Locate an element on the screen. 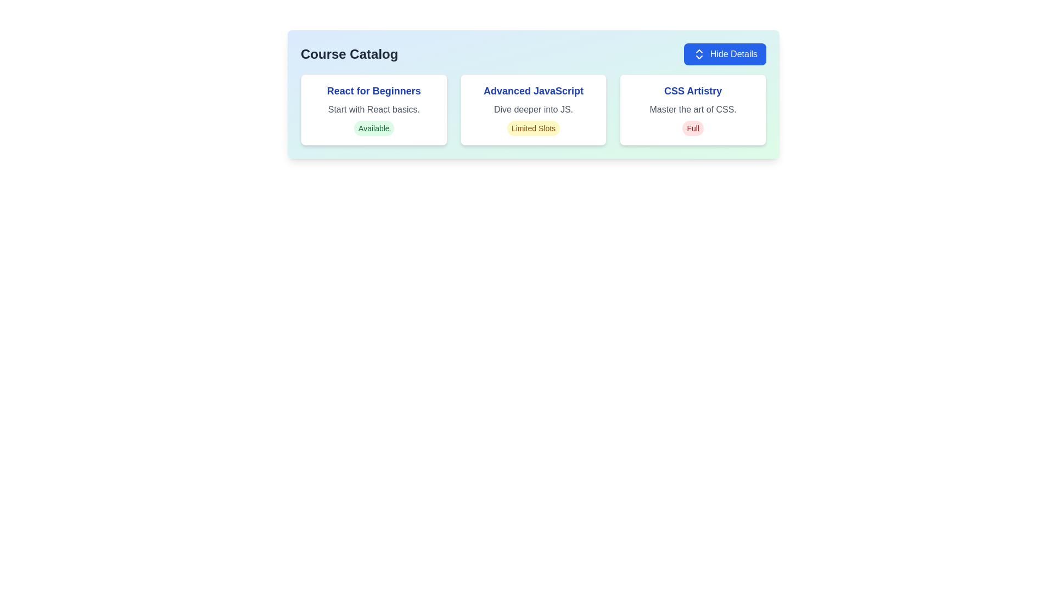 Image resolution: width=1054 pixels, height=593 pixels. the text label displaying 'React for Beginners', which is styled with large, bold, blue lettering and located at the top of the left card in a set of horizontally aligned cards is located at coordinates (374, 90).